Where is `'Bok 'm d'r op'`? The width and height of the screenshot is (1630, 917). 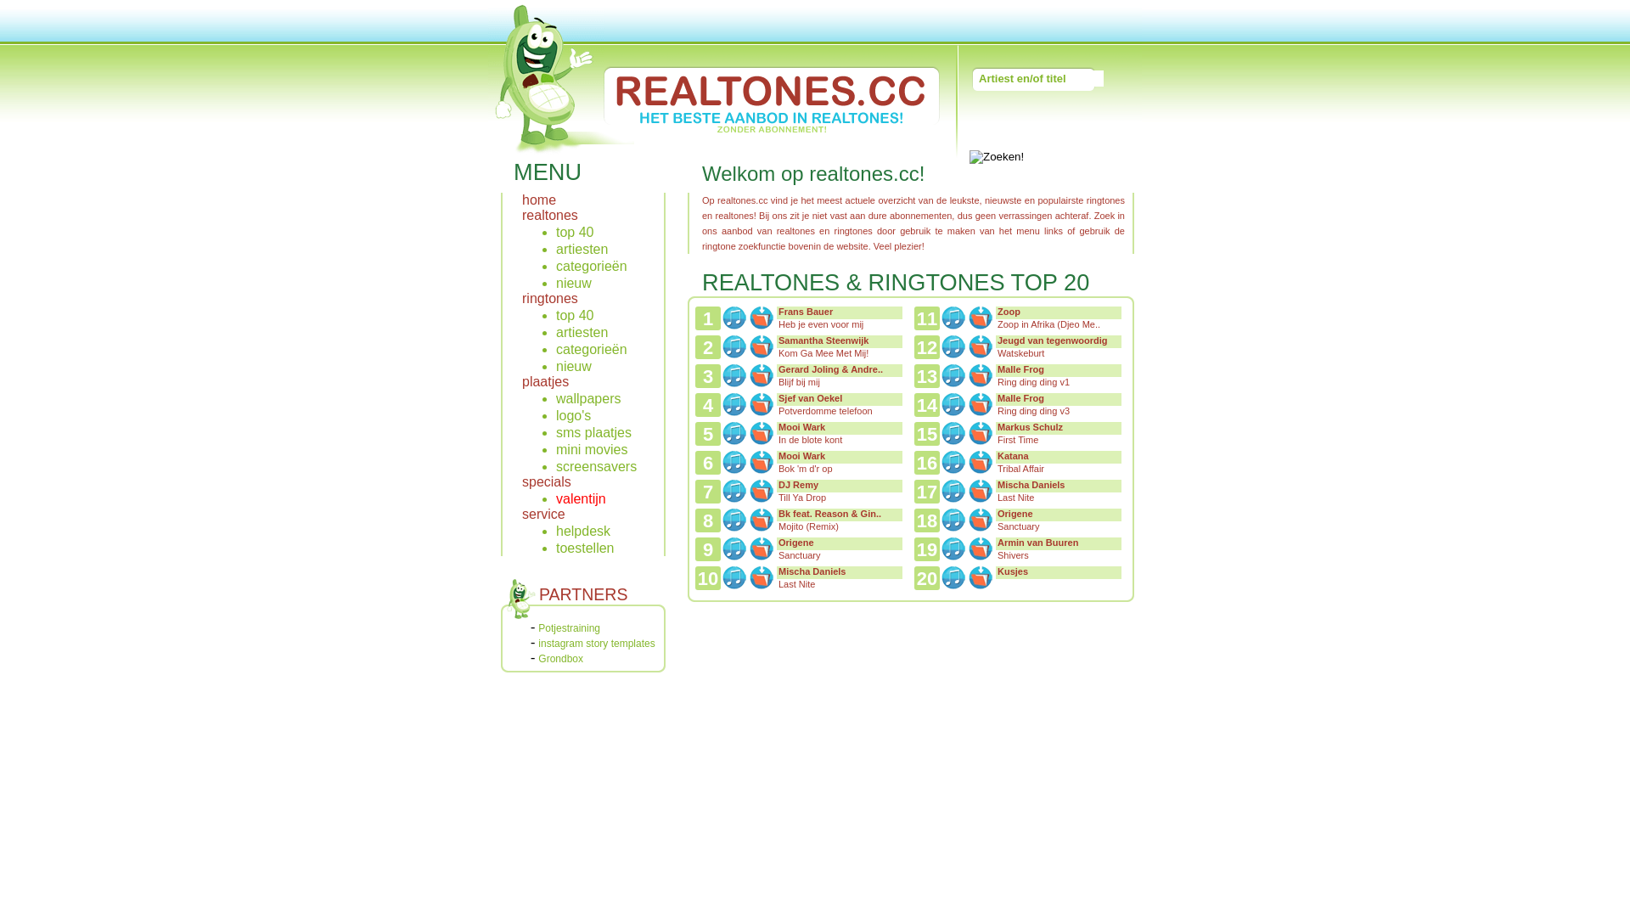 'Bok 'm d'r op' is located at coordinates (777, 468).